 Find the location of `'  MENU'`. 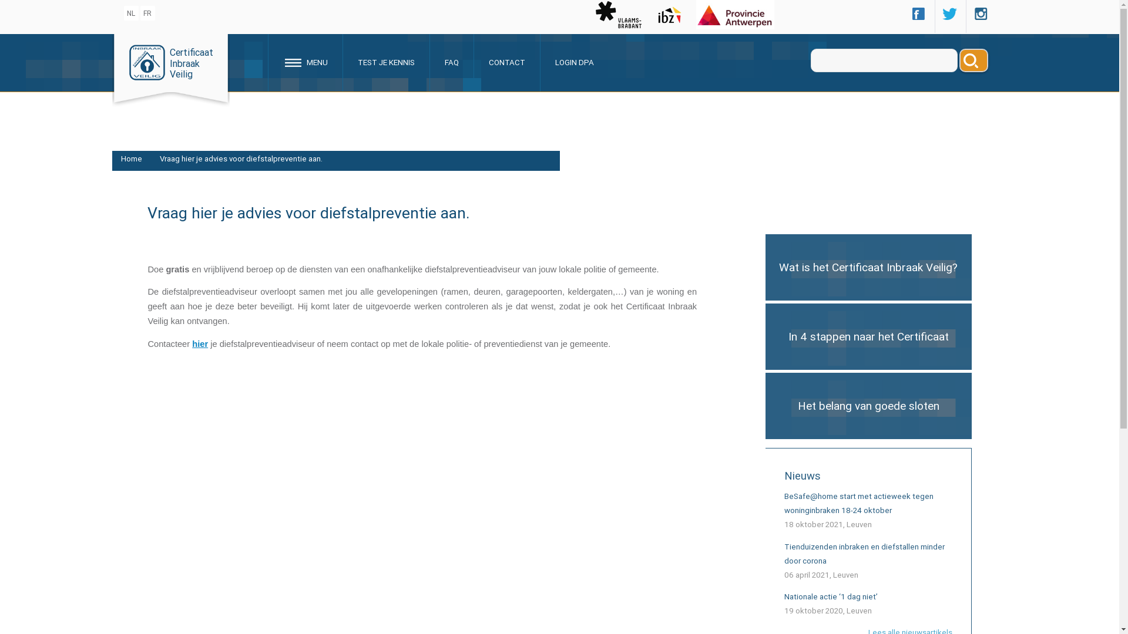

'  MENU' is located at coordinates (305, 63).